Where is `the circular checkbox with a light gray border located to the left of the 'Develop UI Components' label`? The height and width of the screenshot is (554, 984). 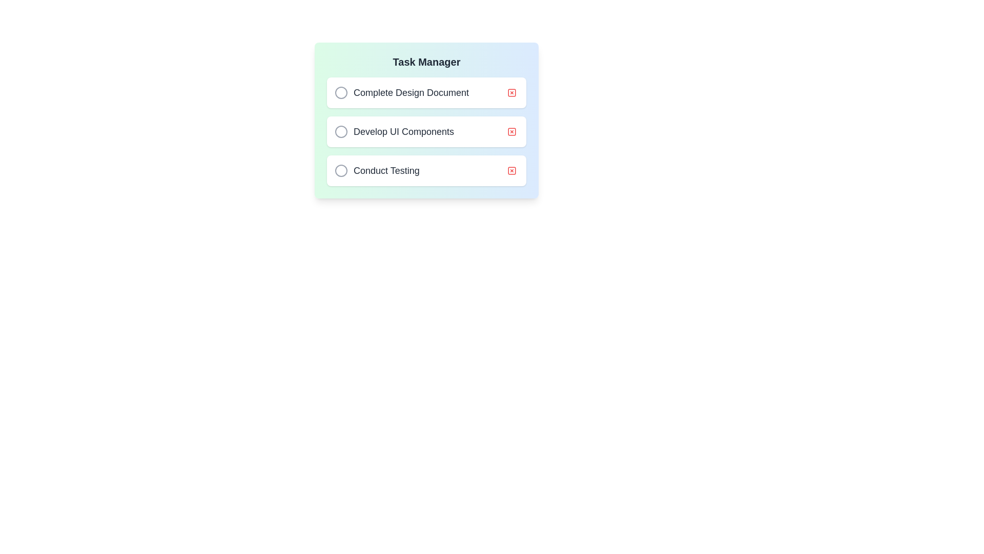 the circular checkbox with a light gray border located to the left of the 'Develop UI Components' label is located at coordinates (341, 131).